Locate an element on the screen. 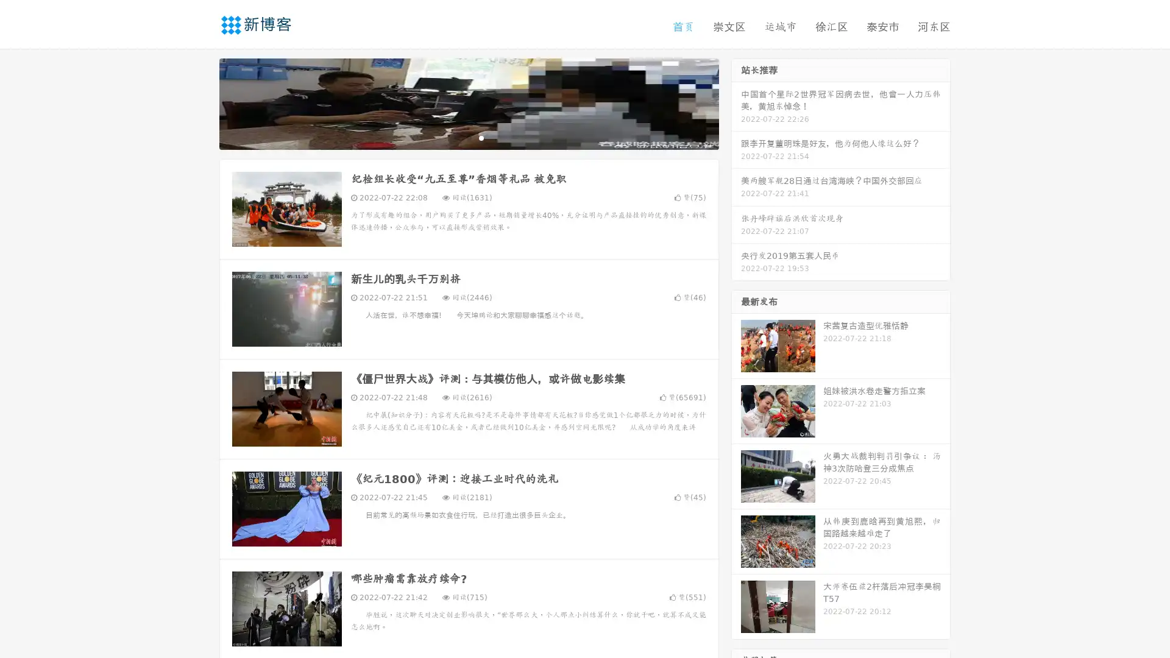 The width and height of the screenshot is (1170, 658). Previous slide is located at coordinates (201, 102).